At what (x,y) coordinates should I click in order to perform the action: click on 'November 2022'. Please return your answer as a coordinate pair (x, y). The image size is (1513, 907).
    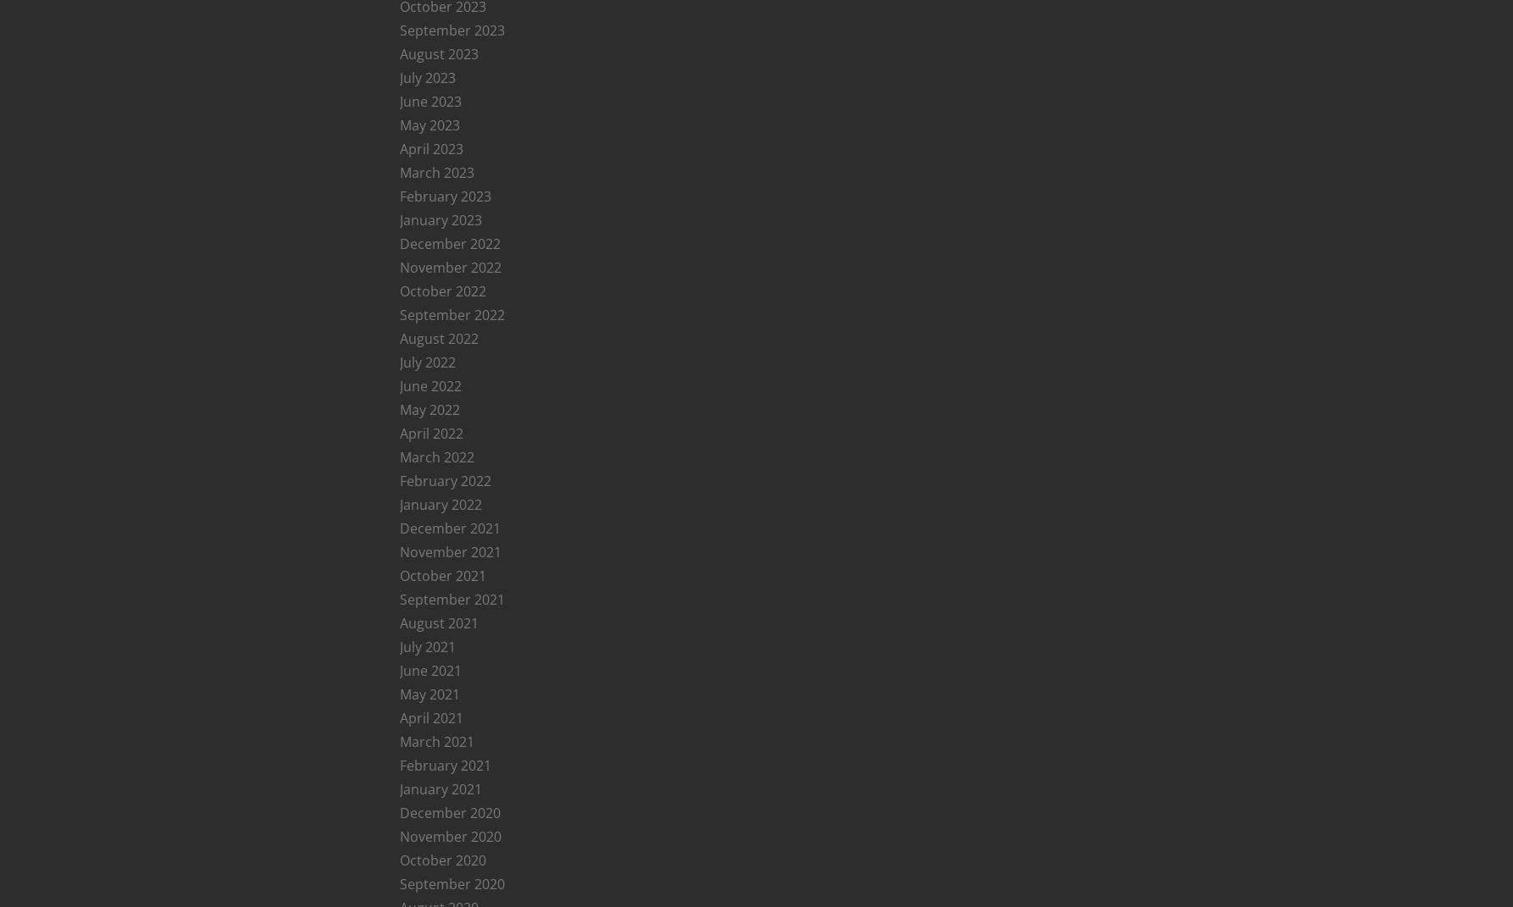
    Looking at the image, I should click on (397, 267).